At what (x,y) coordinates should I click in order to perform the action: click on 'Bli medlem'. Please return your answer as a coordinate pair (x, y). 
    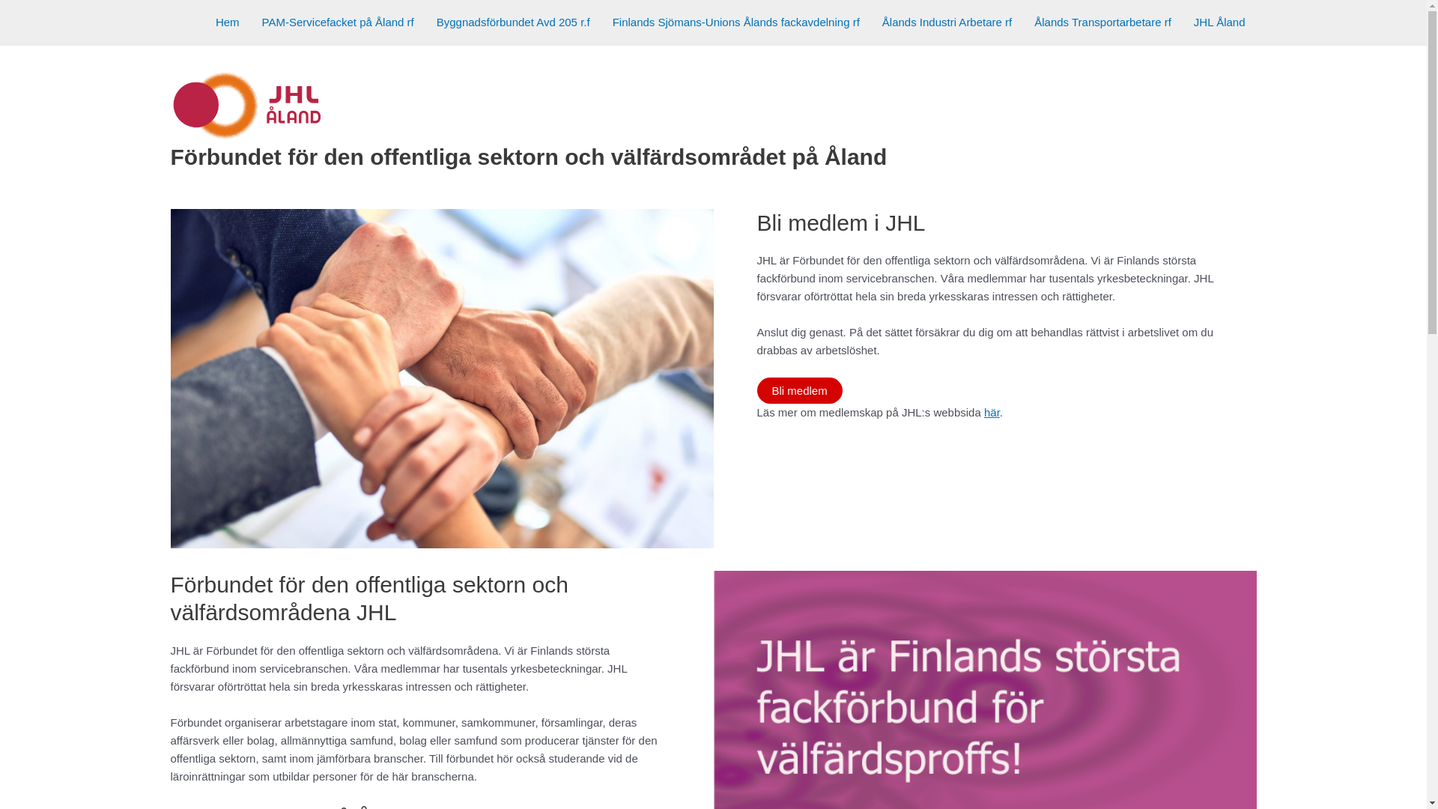
    Looking at the image, I should click on (756, 390).